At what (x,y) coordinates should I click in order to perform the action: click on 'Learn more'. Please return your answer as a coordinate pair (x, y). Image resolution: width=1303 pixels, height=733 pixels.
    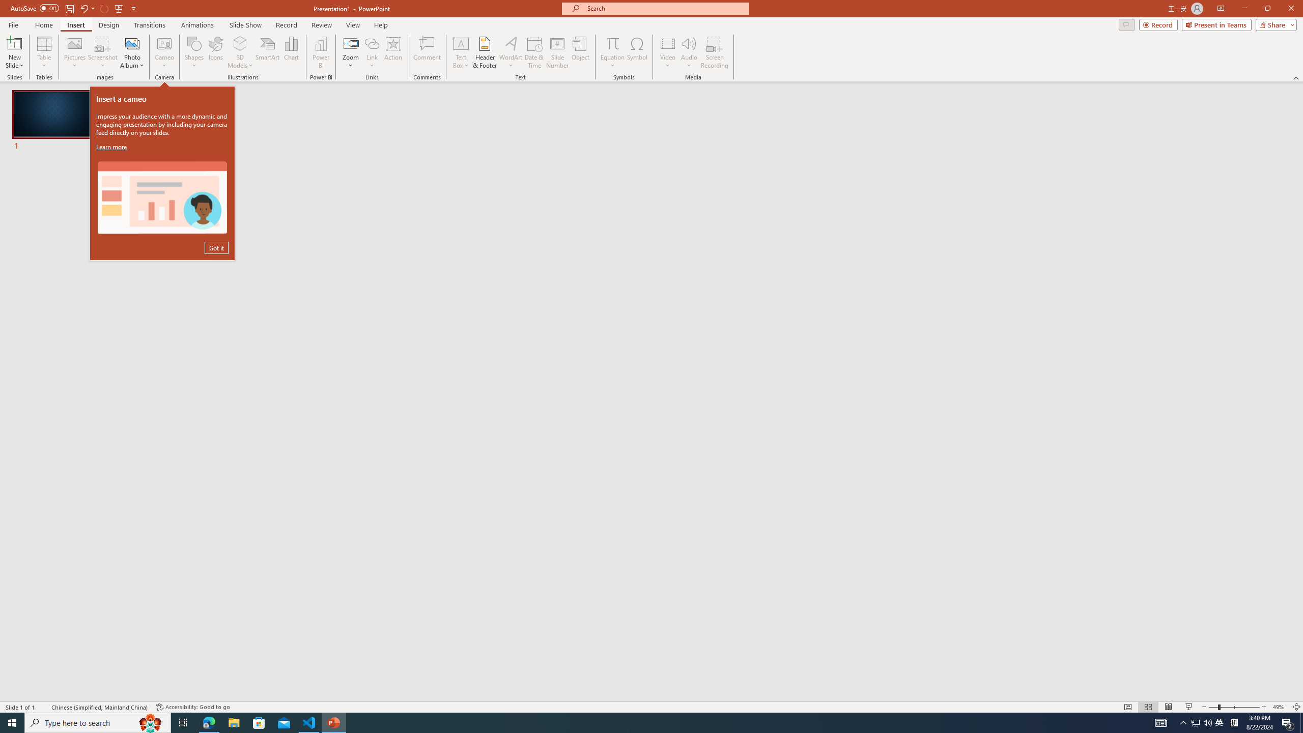
    Looking at the image, I should click on (112, 146).